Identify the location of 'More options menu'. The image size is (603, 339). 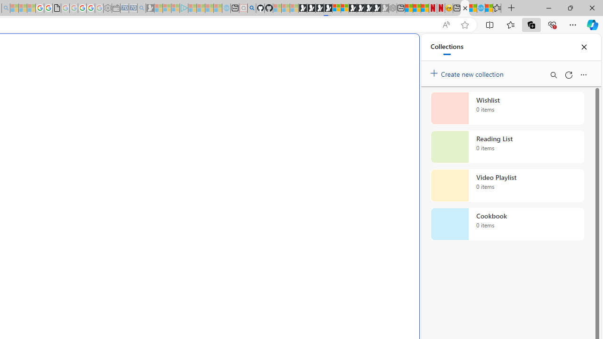
(583, 74).